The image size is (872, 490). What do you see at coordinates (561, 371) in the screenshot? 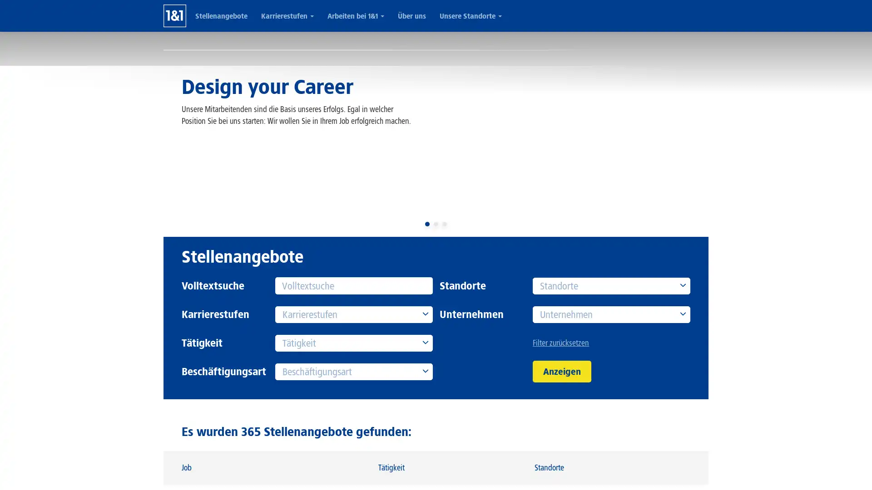
I see `Anzeigen` at bounding box center [561, 371].